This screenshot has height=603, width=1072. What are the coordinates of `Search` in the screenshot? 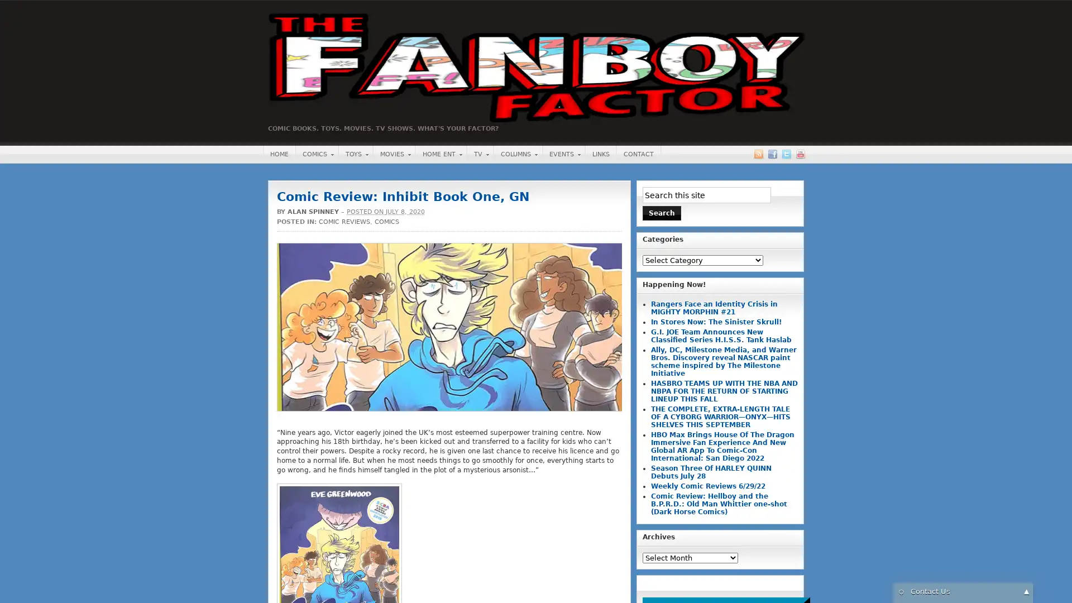 It's located at (662, 213).